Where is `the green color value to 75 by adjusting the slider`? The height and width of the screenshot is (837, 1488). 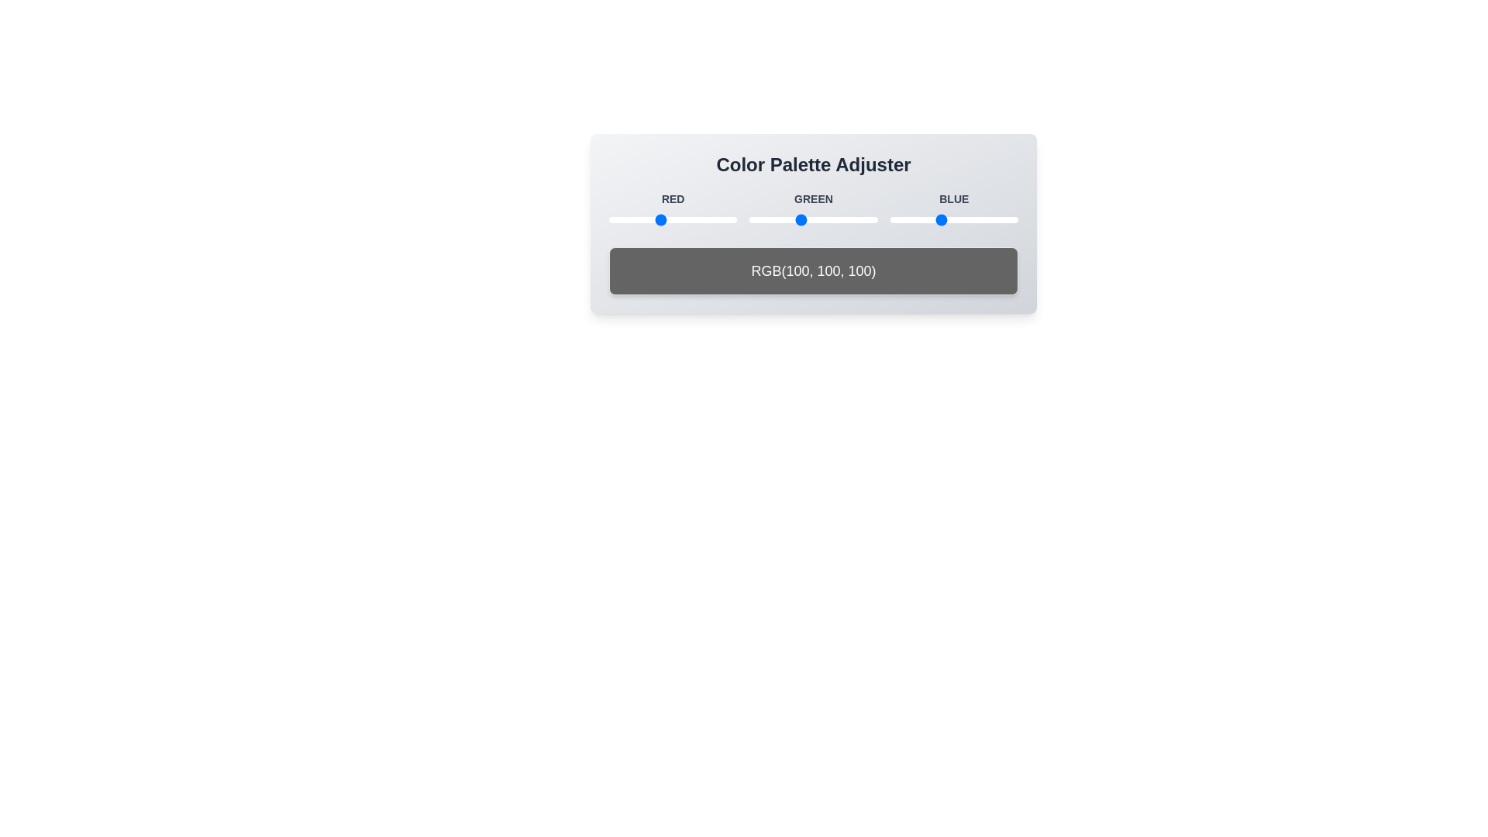
the green color value to 75 by adjusting the slider is located at coordinates (787, 220).